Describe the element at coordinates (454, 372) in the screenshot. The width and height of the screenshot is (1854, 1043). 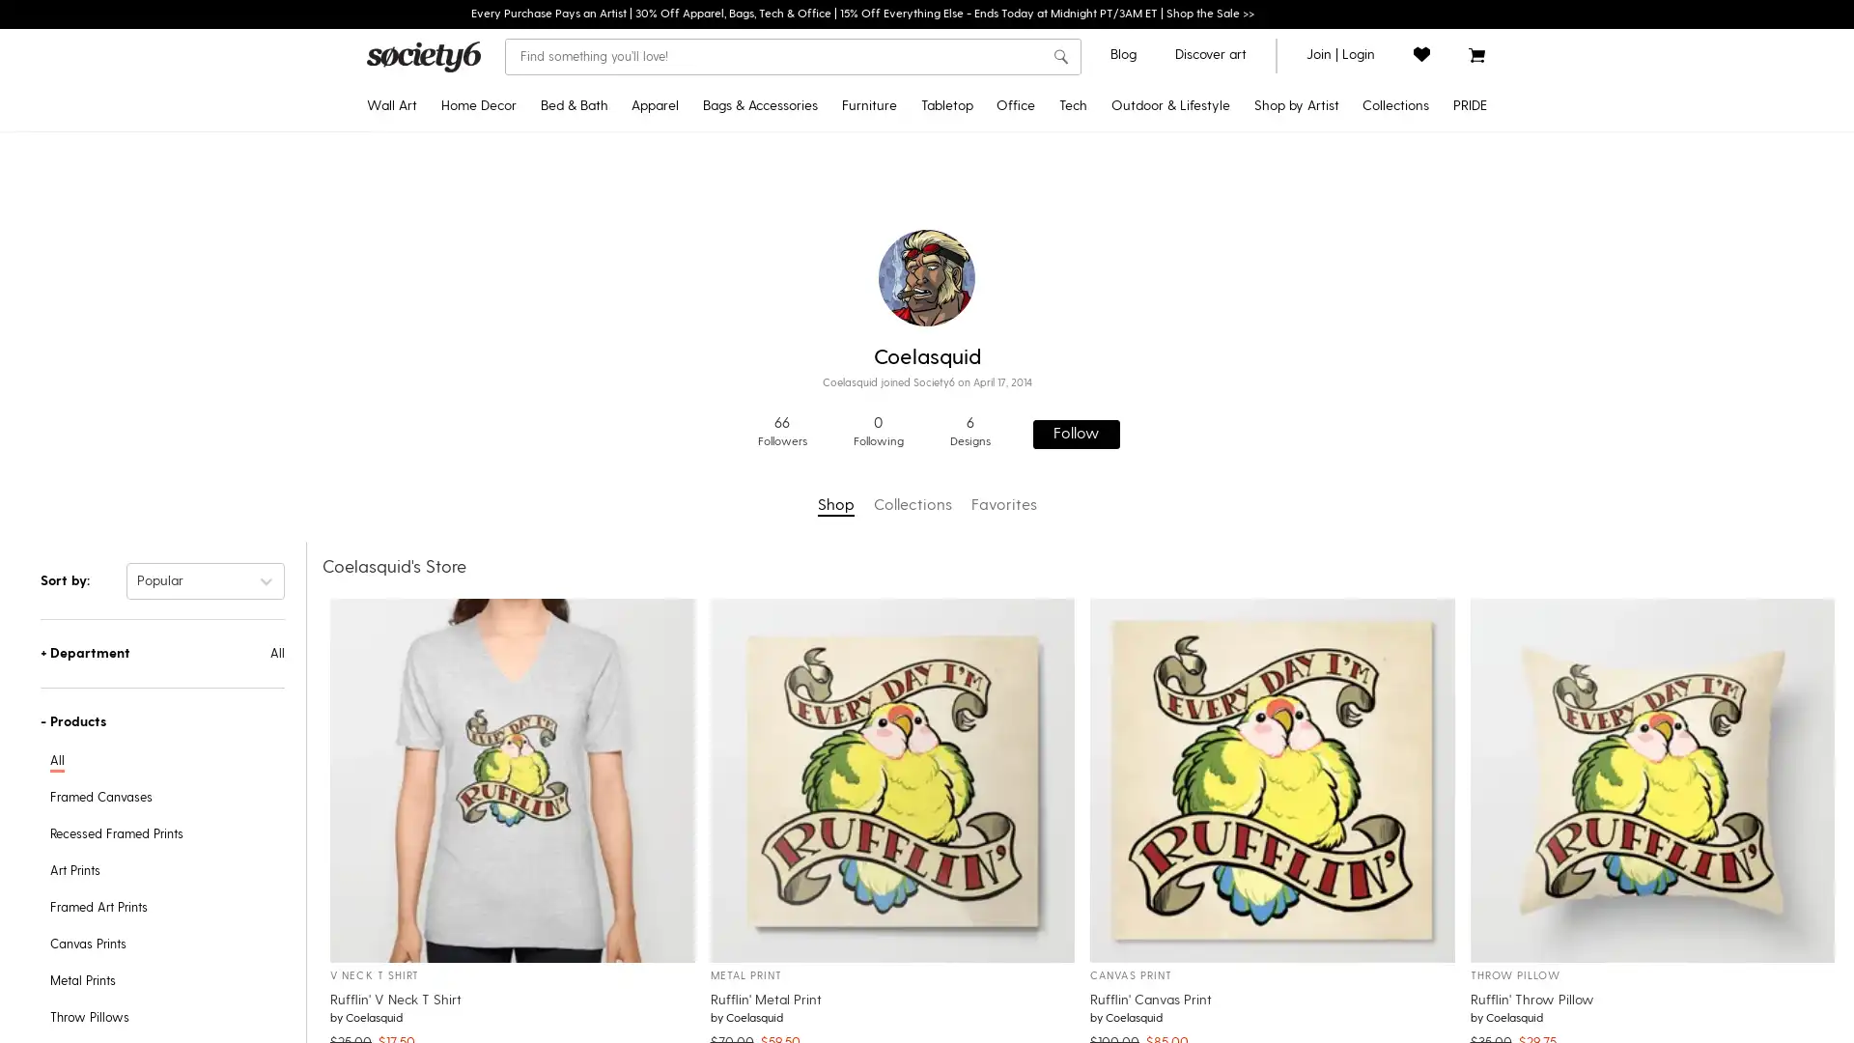
I see `Floating Acrylic Prints` at that location.